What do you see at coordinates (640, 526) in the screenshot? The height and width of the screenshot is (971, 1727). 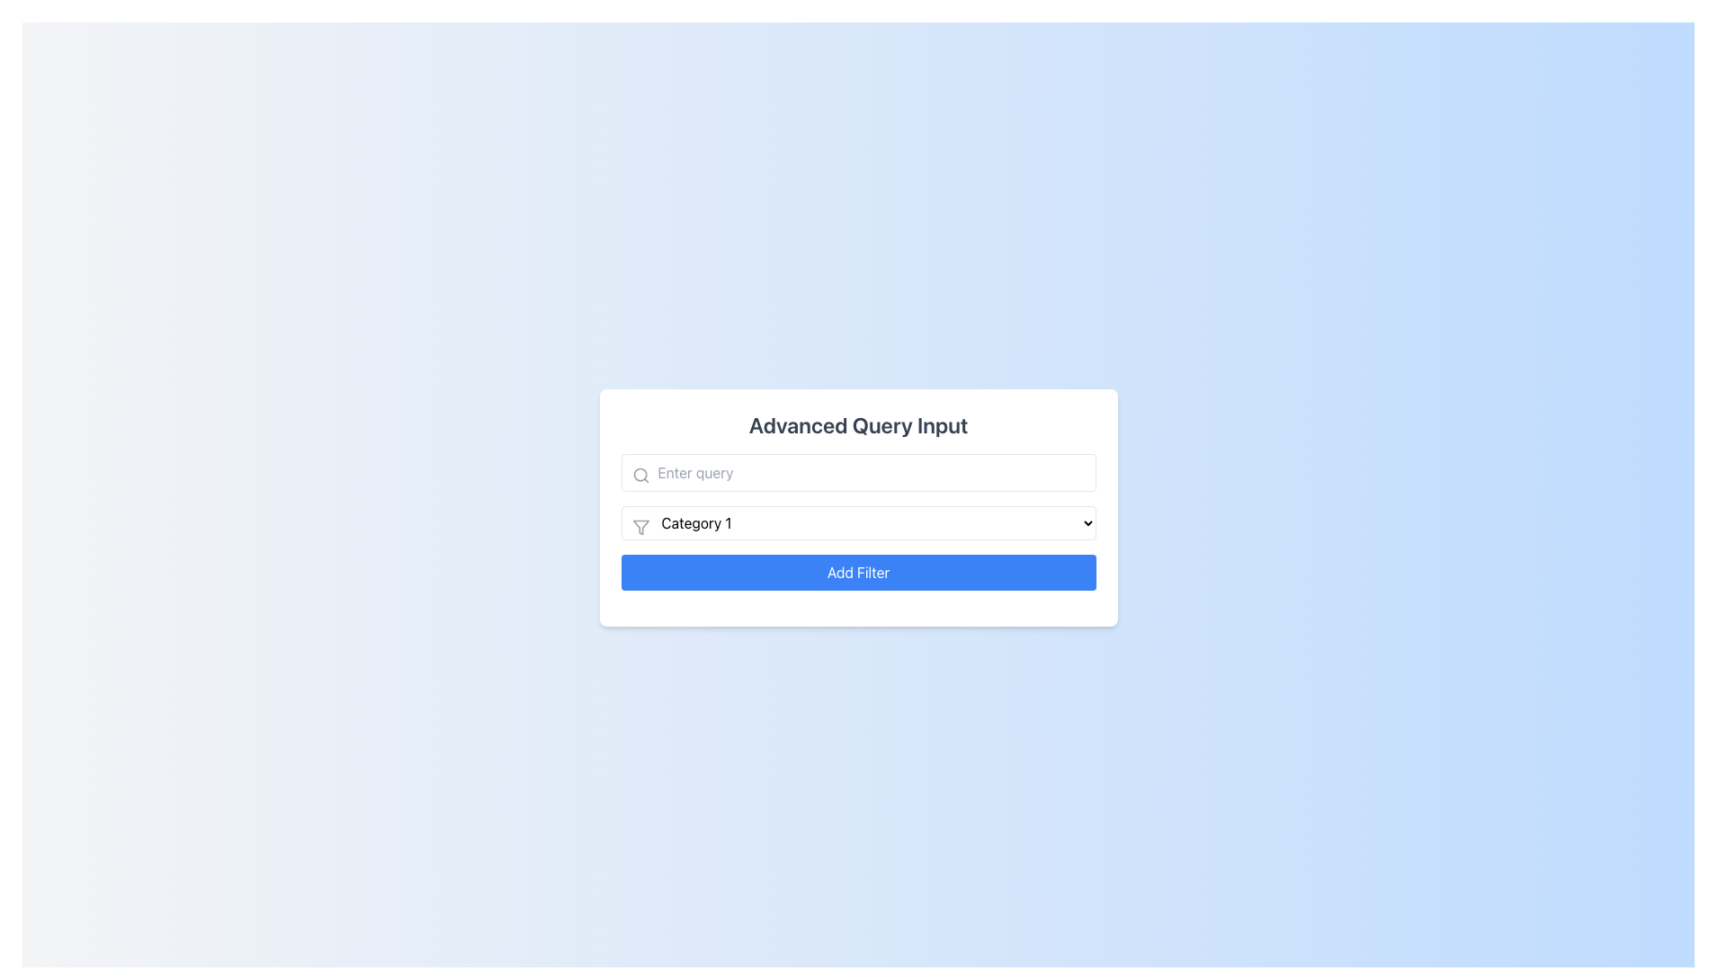 I see `the filtering icon that indicates the dropdown control for selecting categories in the input field` at bounding box center [640, 526].